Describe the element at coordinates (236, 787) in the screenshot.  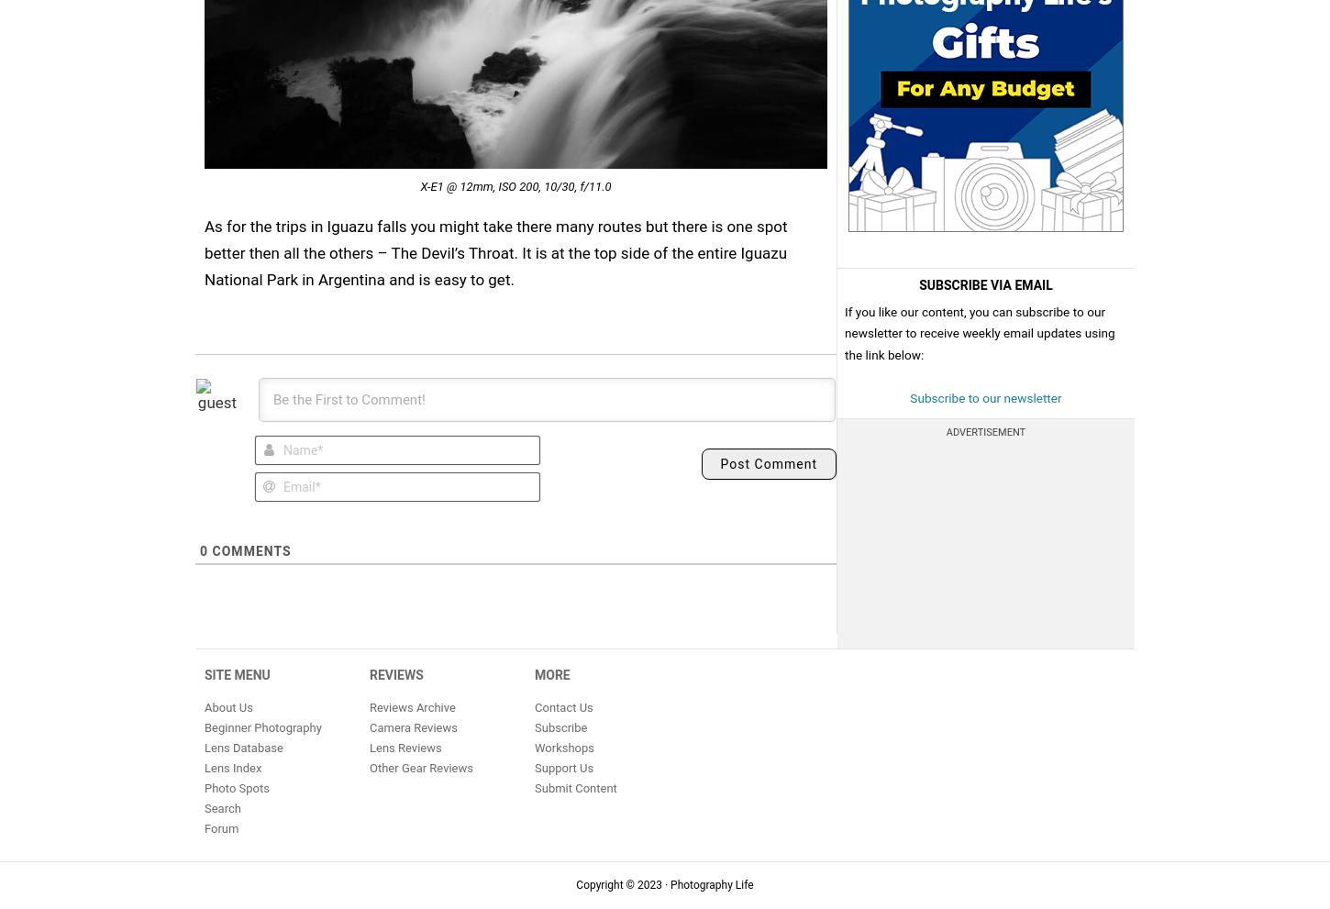
I see `'Photo Spots'` at that location.